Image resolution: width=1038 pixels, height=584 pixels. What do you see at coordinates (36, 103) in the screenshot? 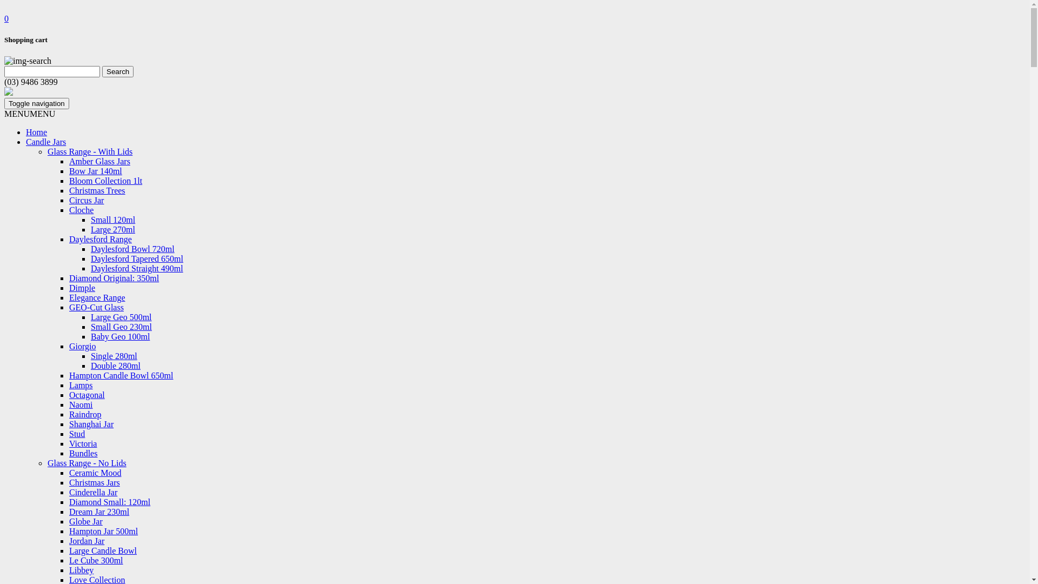
I see `'Toggle navigation'` at bounding box center [36, 103].